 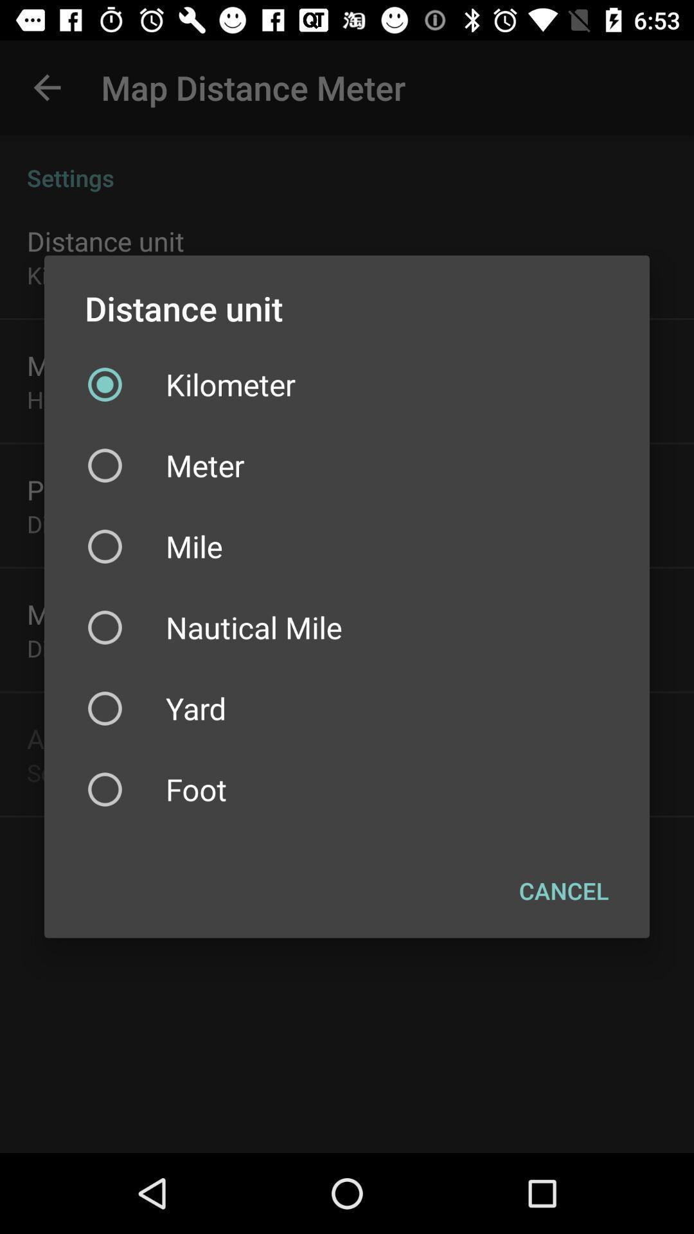 What do you see at coordinates (563, 890) in the screenshot?
I see `cancel item` at bounding box center [563, 890].